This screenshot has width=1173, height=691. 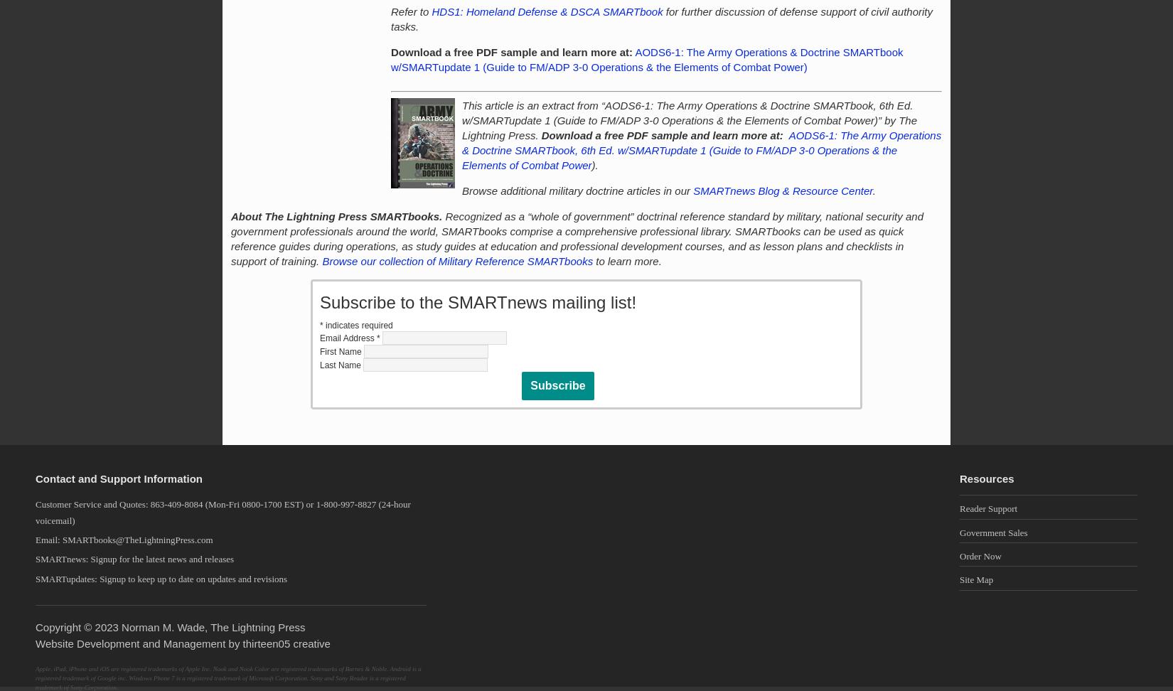 I want to click on 'Recognized as a “whole of government” doctrinal reference standard by military, national security and government professionals around the world, SMARTbooks comprise a comprehensive professional library. SMARTbooks can be used as quick reference guides during operations, as study guides at education and professional development courses, and as lesson plans and checklists in support of training.', so click(x=231, y=238).